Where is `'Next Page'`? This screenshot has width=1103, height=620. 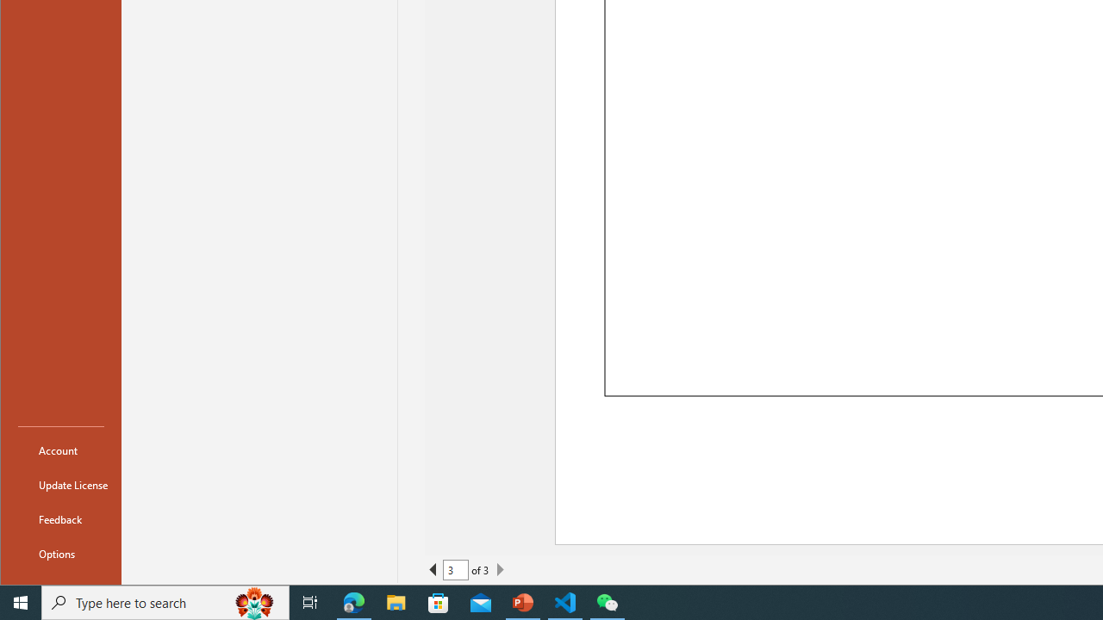 'Next Page' is located at coordinates (499, 570).